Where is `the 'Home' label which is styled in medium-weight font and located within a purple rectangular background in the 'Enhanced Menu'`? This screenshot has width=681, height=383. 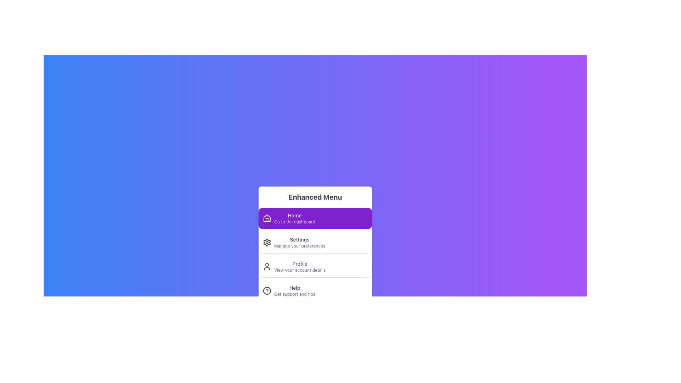
the 'Home' label which is styled in medium-weight font and located within a purple rectangular background in the 'Enhanced Menu' is located at coordinates (294, 215).